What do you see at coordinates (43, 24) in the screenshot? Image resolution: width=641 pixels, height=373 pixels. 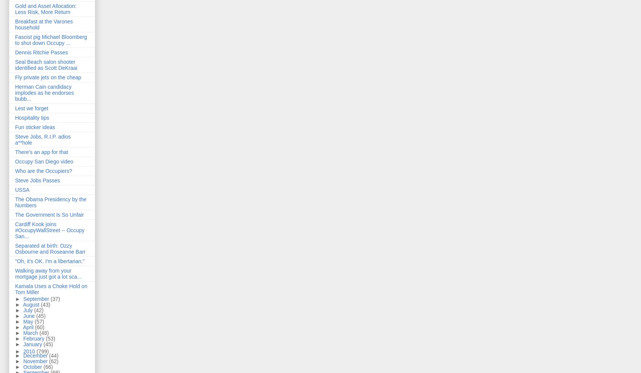 I see `'Breakfast at the Varones household'` at bounding box center [43, 24].